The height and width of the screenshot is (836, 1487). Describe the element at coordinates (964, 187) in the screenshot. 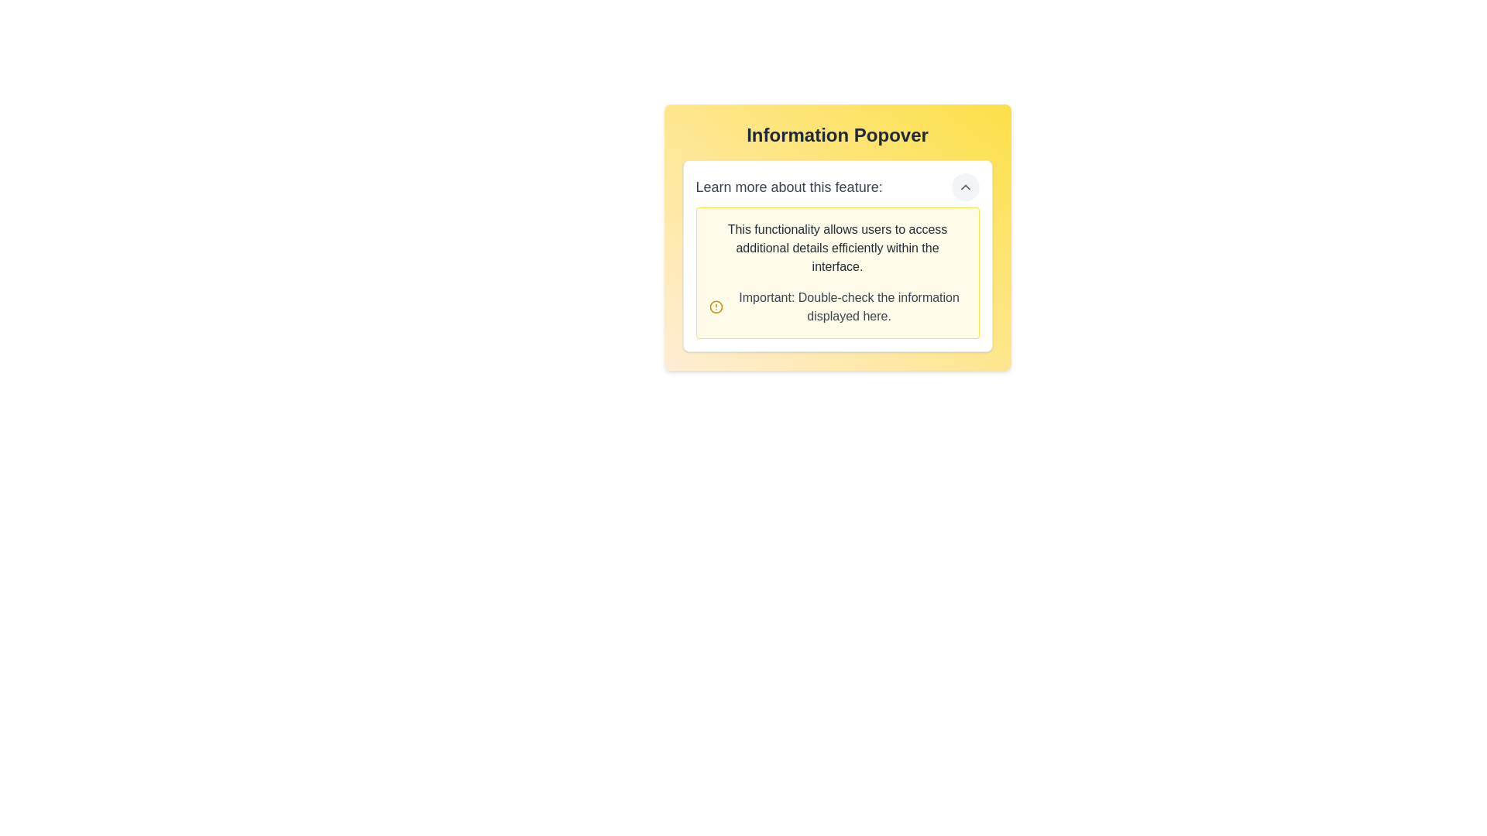

I see `the Icon button resembling a chevron up located in the upper-right corner of the popover` at that location.